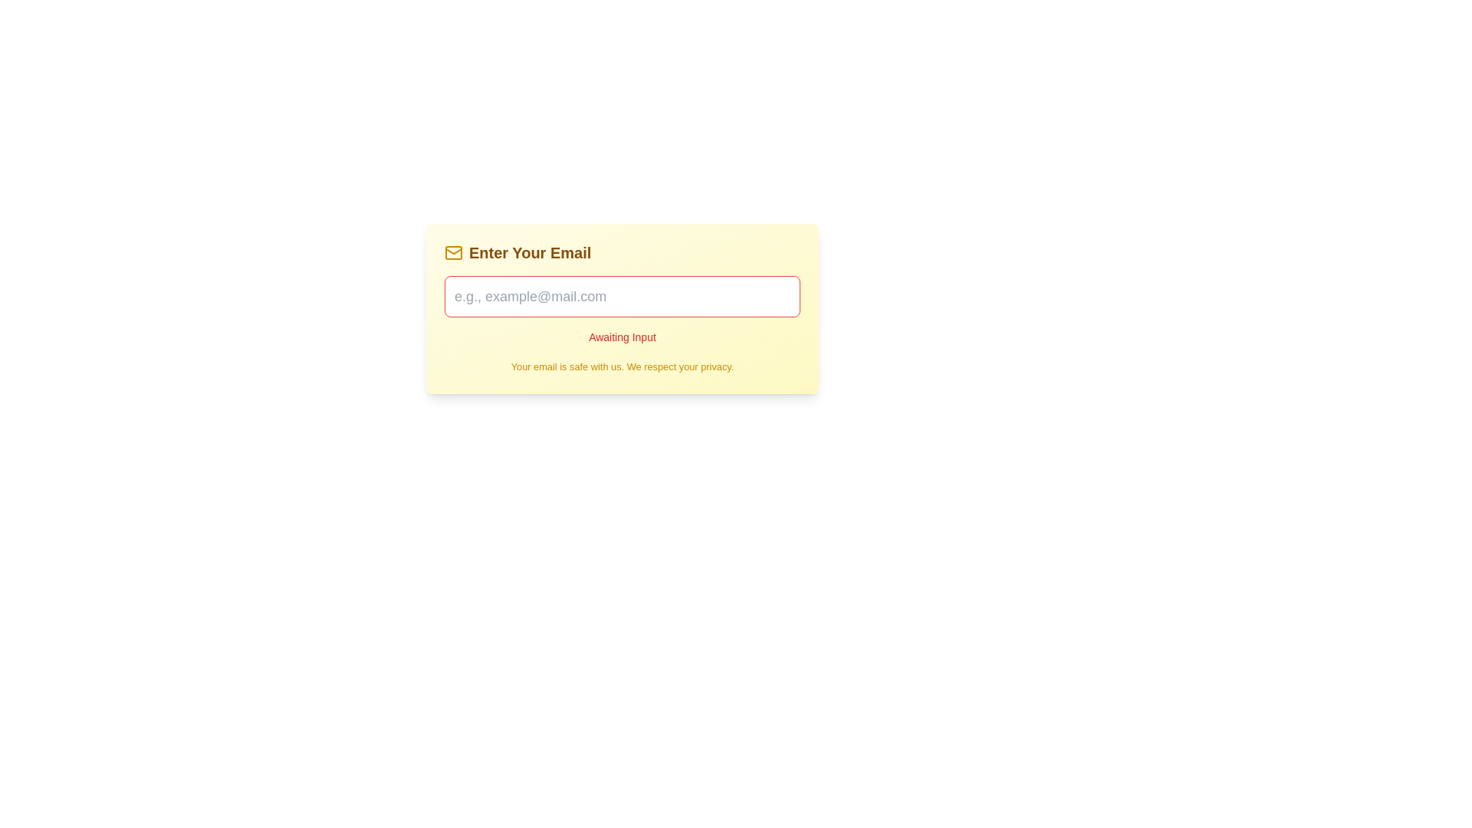 This screenshot has width=1472, height=828. I want to click on the assurance message text element that informs users about the privacy and safety of their email information, located below the input field and 'Awaiting Input' message, centered in the form section, so click(622, 366).